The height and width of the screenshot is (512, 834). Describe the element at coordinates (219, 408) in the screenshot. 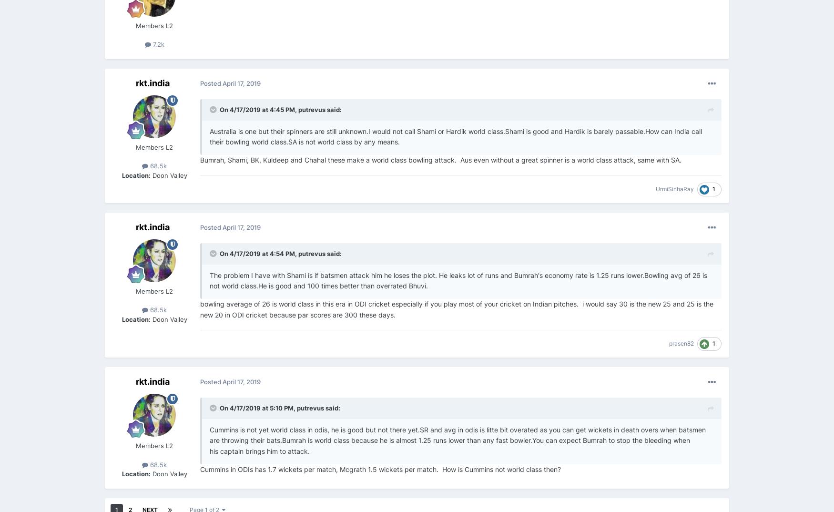

I see `'On 4/17/2019 at 5:10 PM,'` at that location.